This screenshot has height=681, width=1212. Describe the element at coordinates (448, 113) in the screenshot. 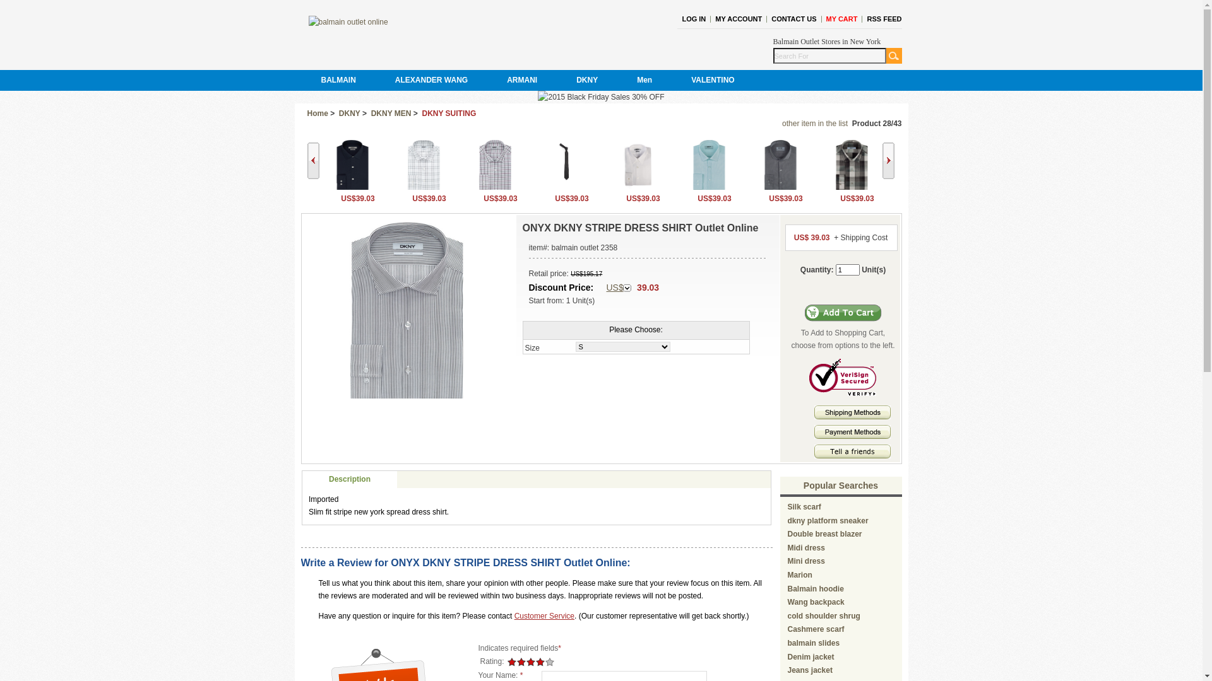

I see `'DKNY SUITING'` at that location.